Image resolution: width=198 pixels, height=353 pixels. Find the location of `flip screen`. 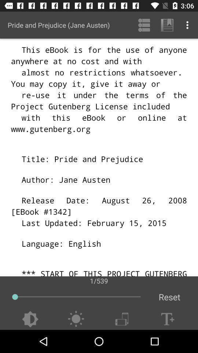

flip screen is located at coordinates (122, 319).